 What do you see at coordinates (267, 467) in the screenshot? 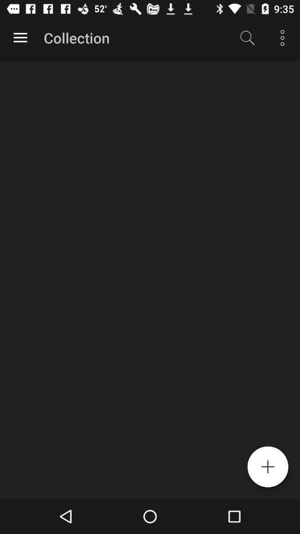
I see `the add icon` at bounding box center [267, 467].